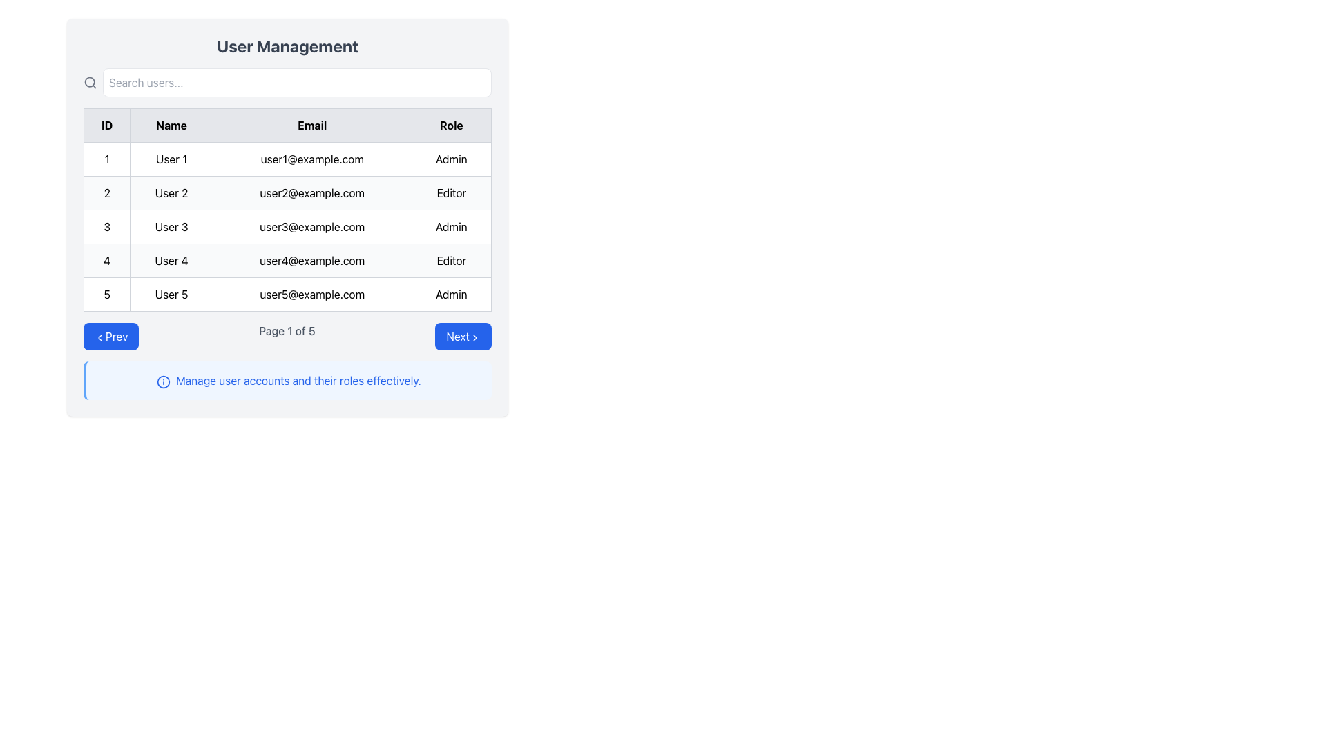 This screenshot has width=1326, height=745. What do you see at coordinates (287, 226) in the screenshot?
I see `the non-interactive table row displaying user details for User 3, located in the third row of the user management table` at bounding box center [287, 226].